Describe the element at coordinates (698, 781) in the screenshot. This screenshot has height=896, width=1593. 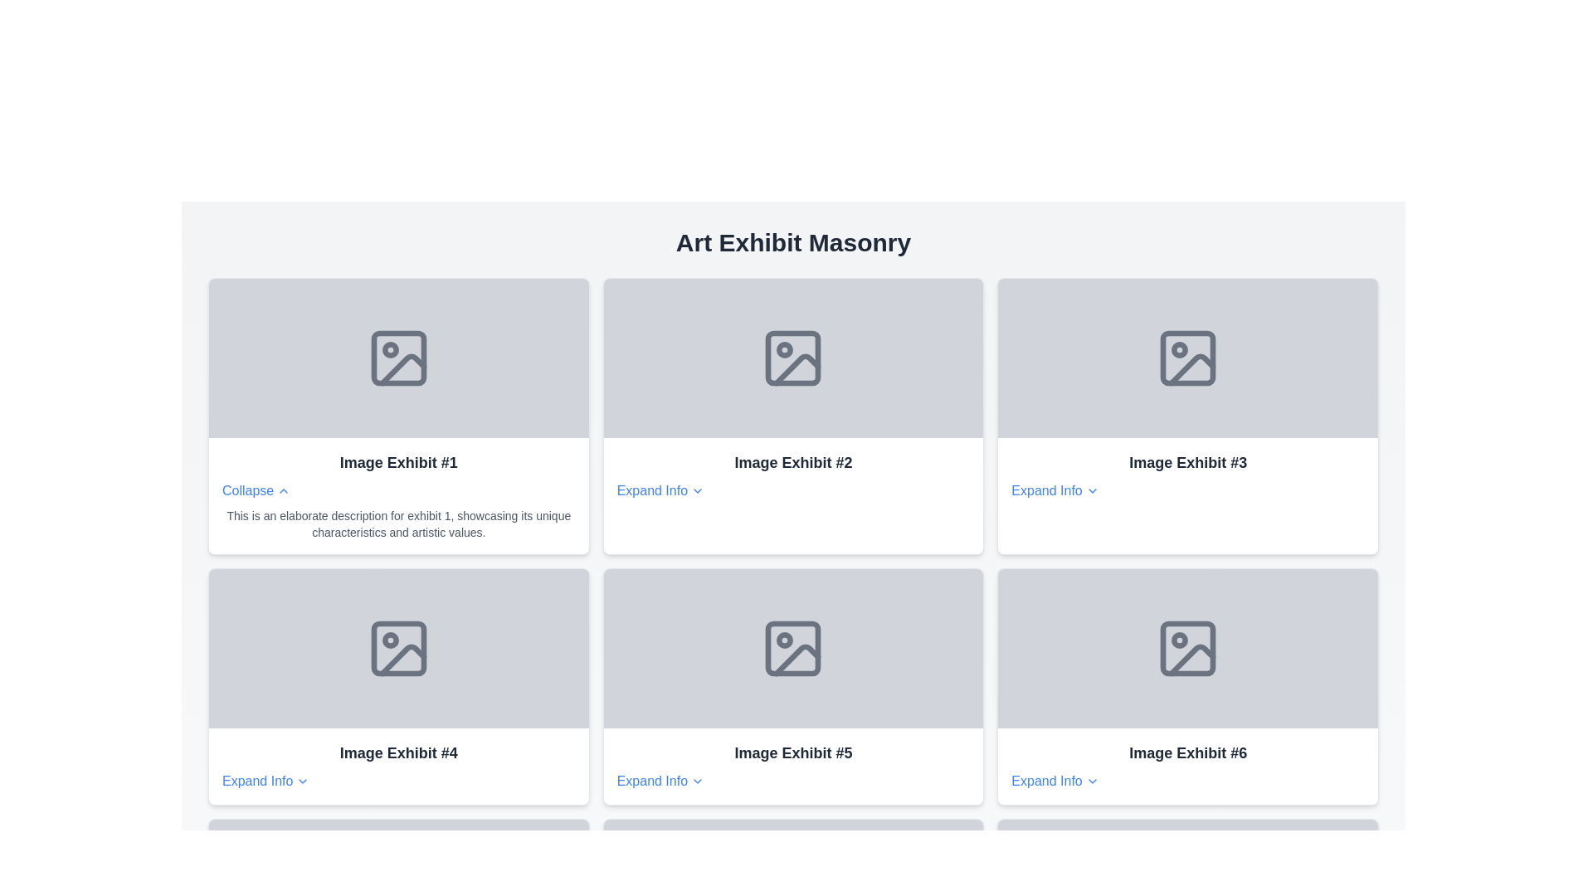
I see `the interactive icon located at the bottom center of the 'Image Exhibit #5' card` at that location.